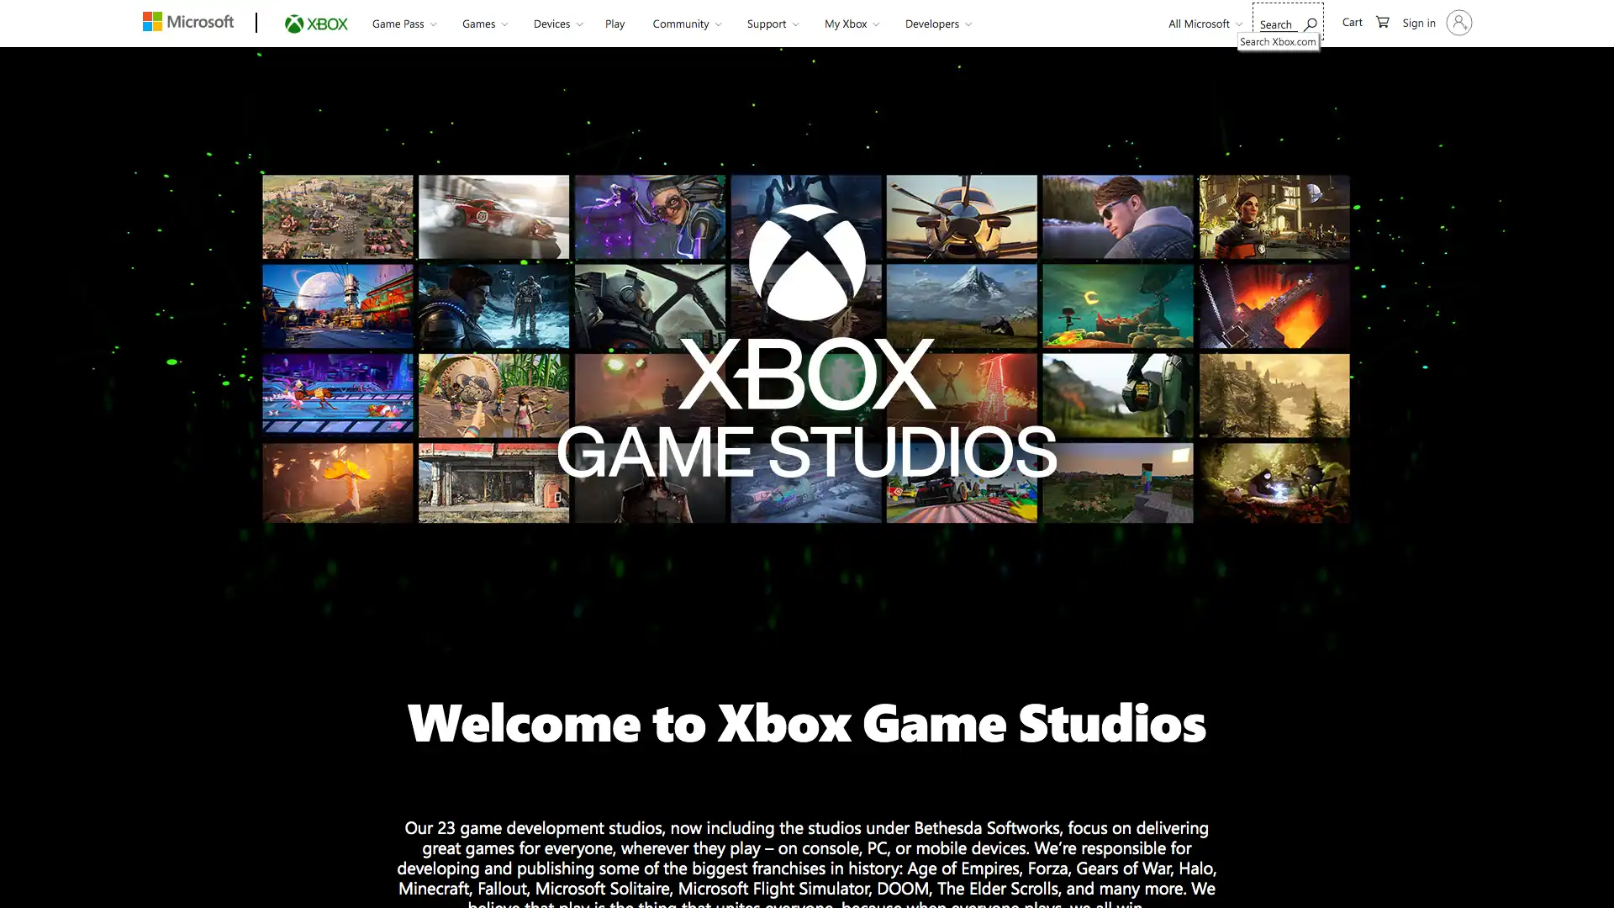  What do you see at coordinates (556, 23) in the screenshot?
I see `Devices` at bounding box center [556, 23].